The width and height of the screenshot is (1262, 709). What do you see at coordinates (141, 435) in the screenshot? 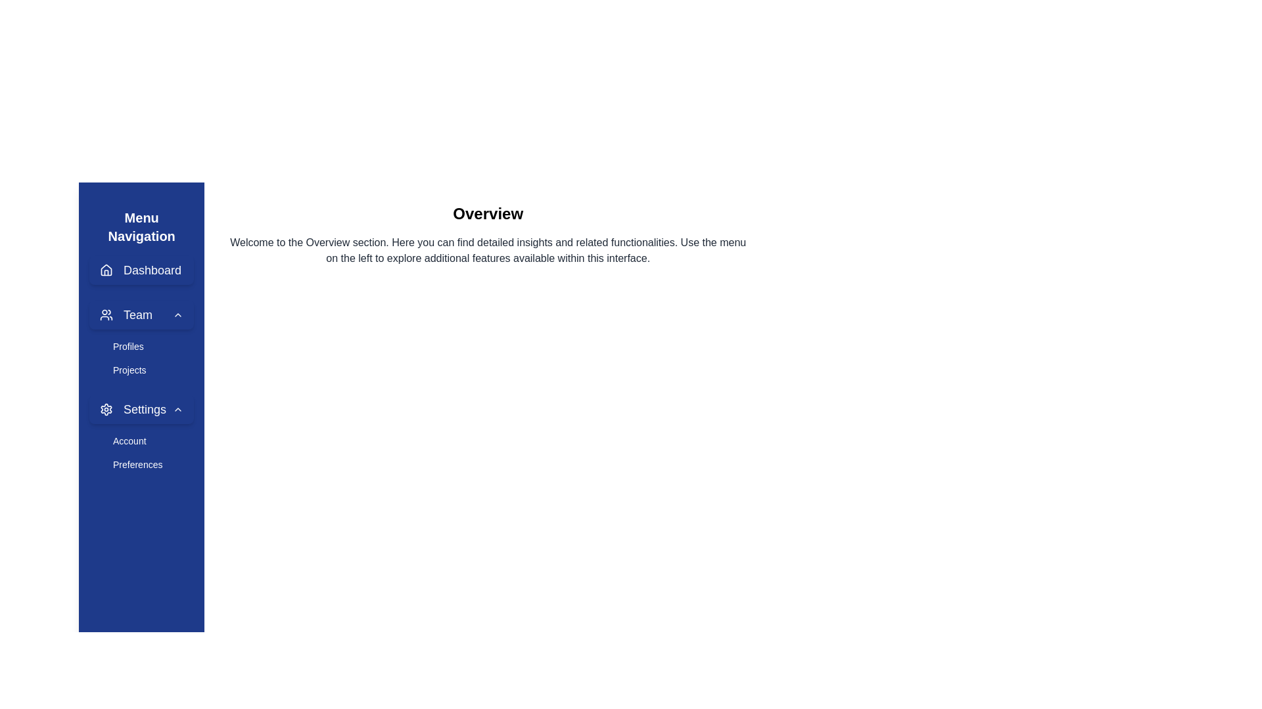
I see `'Account' text element, which is displayed in white on a blue background and is the first sub-item under the 'Settings' menu in the left sidebar` at bounding box center [141, 435].